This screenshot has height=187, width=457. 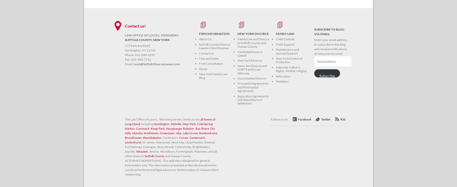 I want to click on 'Suffolk County Divorce Lawyer Client Reviews', so click(x=214, y=46).